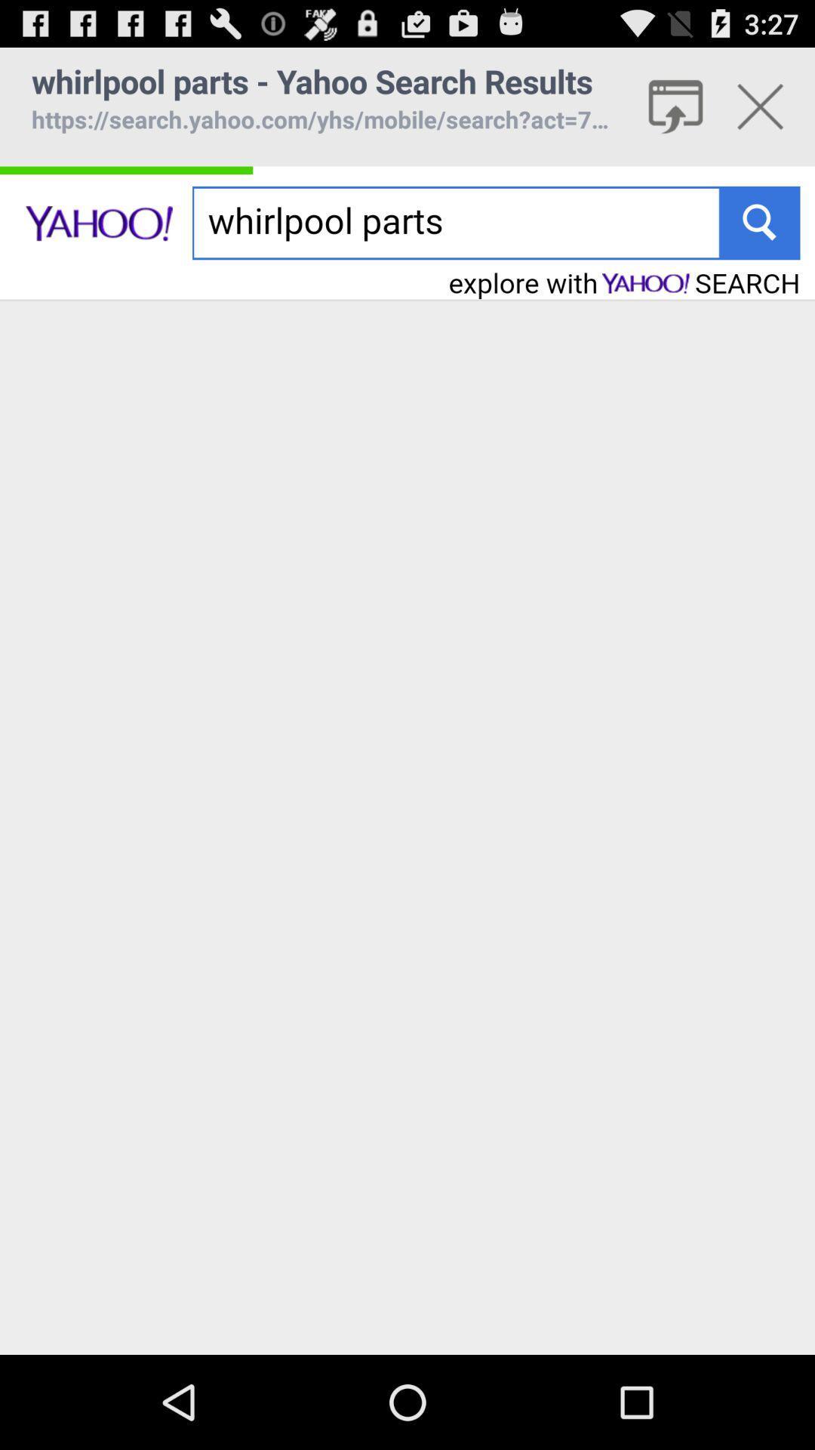 The width and height of the screenshot is (815, 1450). I want to click on close, so click(760, 106).